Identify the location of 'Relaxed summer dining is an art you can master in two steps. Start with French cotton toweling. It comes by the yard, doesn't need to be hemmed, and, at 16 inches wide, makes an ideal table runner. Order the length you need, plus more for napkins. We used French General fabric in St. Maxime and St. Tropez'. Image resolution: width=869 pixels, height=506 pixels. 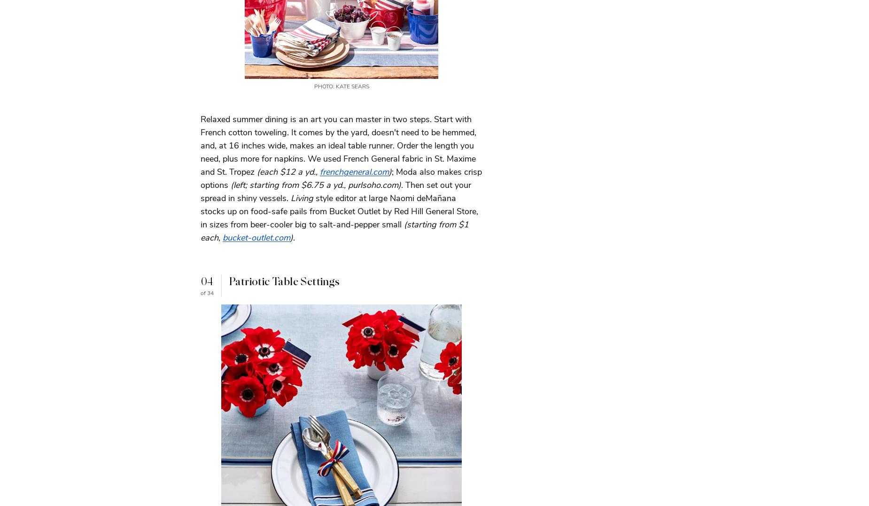
(200, 145).